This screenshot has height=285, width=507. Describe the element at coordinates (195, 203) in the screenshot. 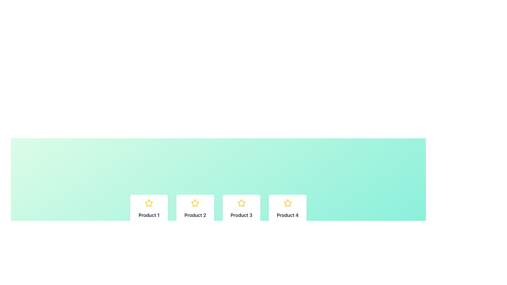

I see `the star icon located at the top center of the first card above the text 'Product 2' to trigger a visual change` at that location.